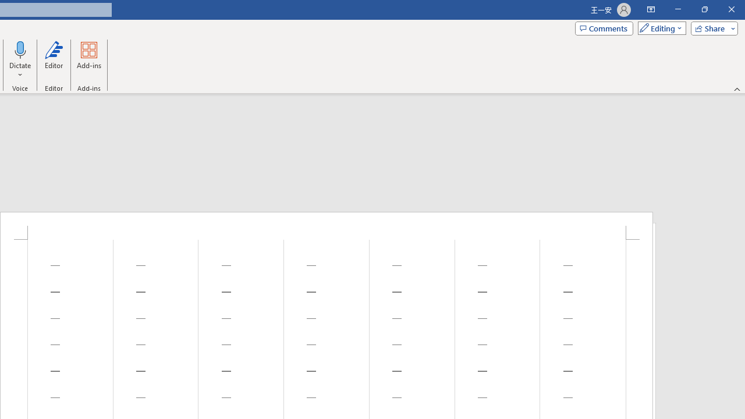 This screenshot has width=745, height=419. Describe the element at coordinates (737, 88) in the screenshot. I see `'Collapse the Ribbon'` at that location.